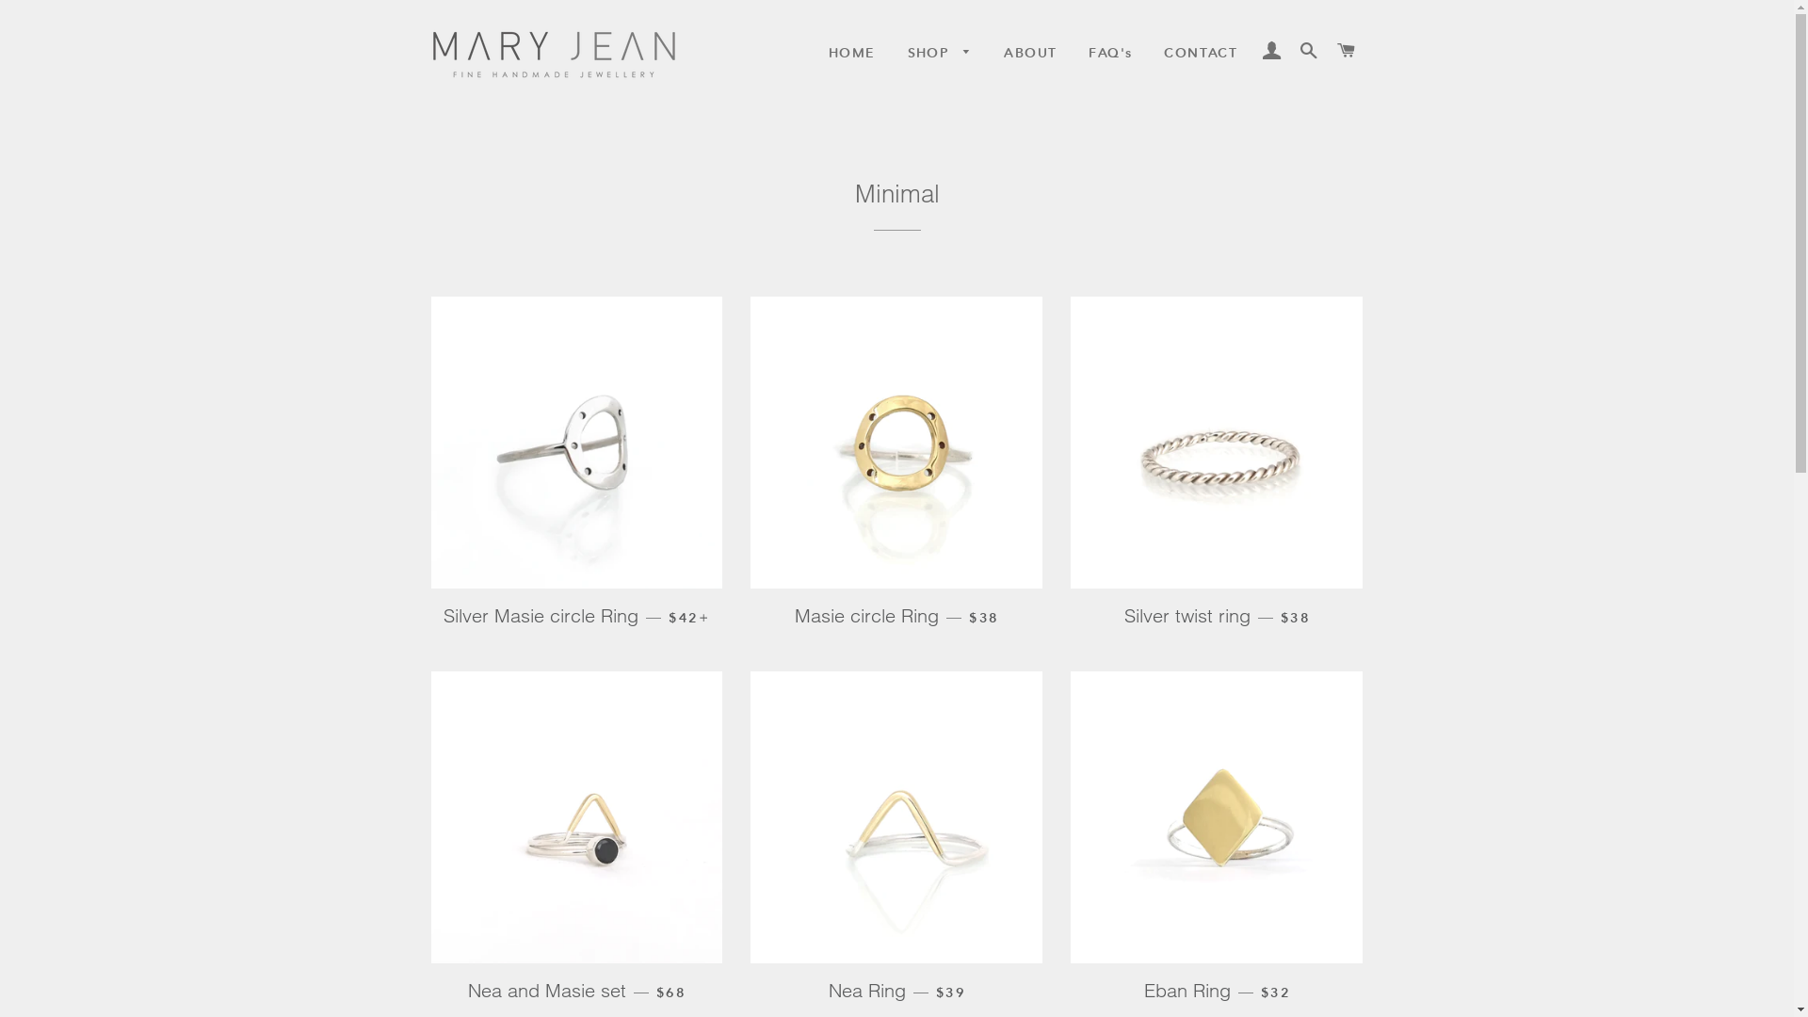 The height and width of the screenshot is (1017, 1808). Describe the element at coordinates (1271, 50) in the screenshot. I see `'Log In'` at that location.